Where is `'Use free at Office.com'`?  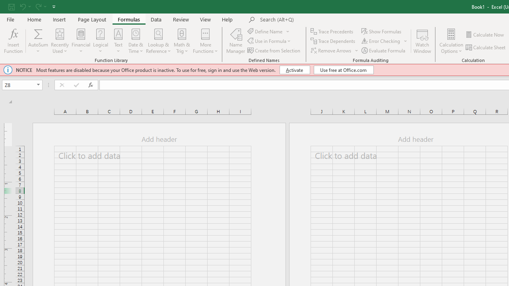 'Use free at Office.com' is located at coordinates (344, 70).